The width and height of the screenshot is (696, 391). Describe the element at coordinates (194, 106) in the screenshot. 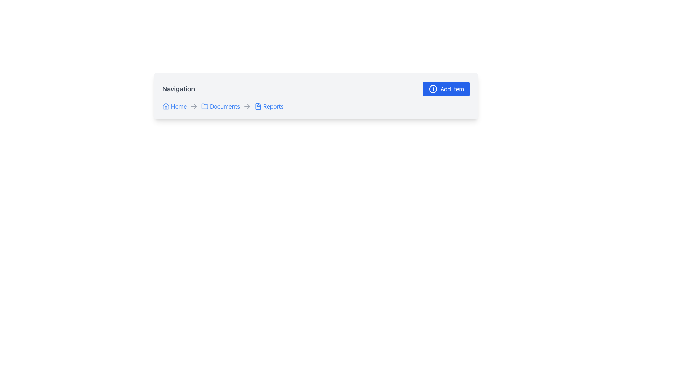

I see `the right-pointing grey arrow icon located in the navigation bar between the 'Home' and 'Documents' links` at that location.